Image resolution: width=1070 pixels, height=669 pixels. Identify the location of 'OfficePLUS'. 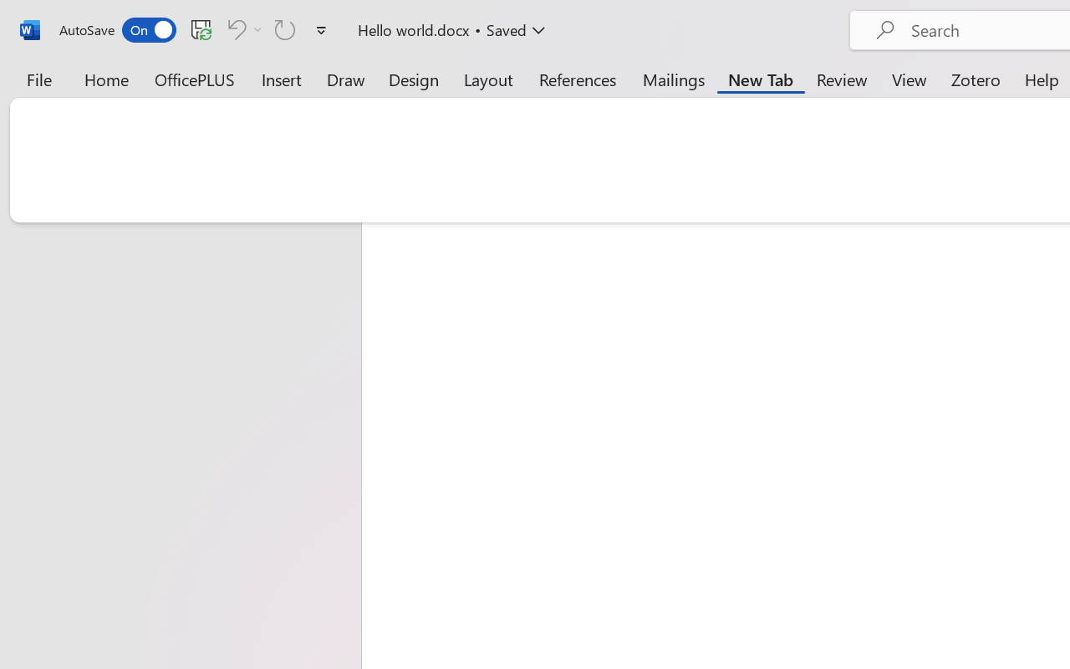
(195, 79).